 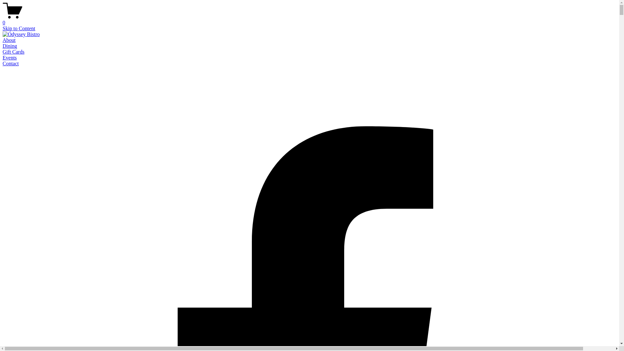 What do you see at coordinates (9, 57) in the screenshot?
I see `'Events'` at bounding box center [9, 57].